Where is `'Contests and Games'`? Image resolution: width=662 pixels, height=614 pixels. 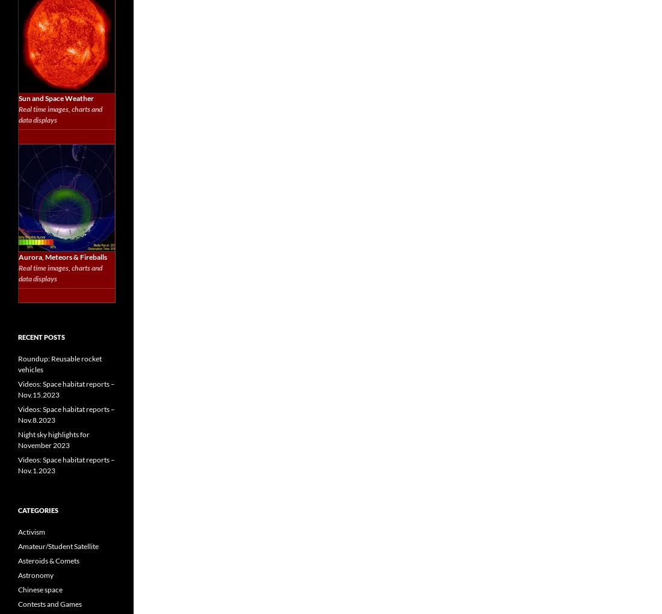 'Contests and Games' is located at coordinates (50, 604).